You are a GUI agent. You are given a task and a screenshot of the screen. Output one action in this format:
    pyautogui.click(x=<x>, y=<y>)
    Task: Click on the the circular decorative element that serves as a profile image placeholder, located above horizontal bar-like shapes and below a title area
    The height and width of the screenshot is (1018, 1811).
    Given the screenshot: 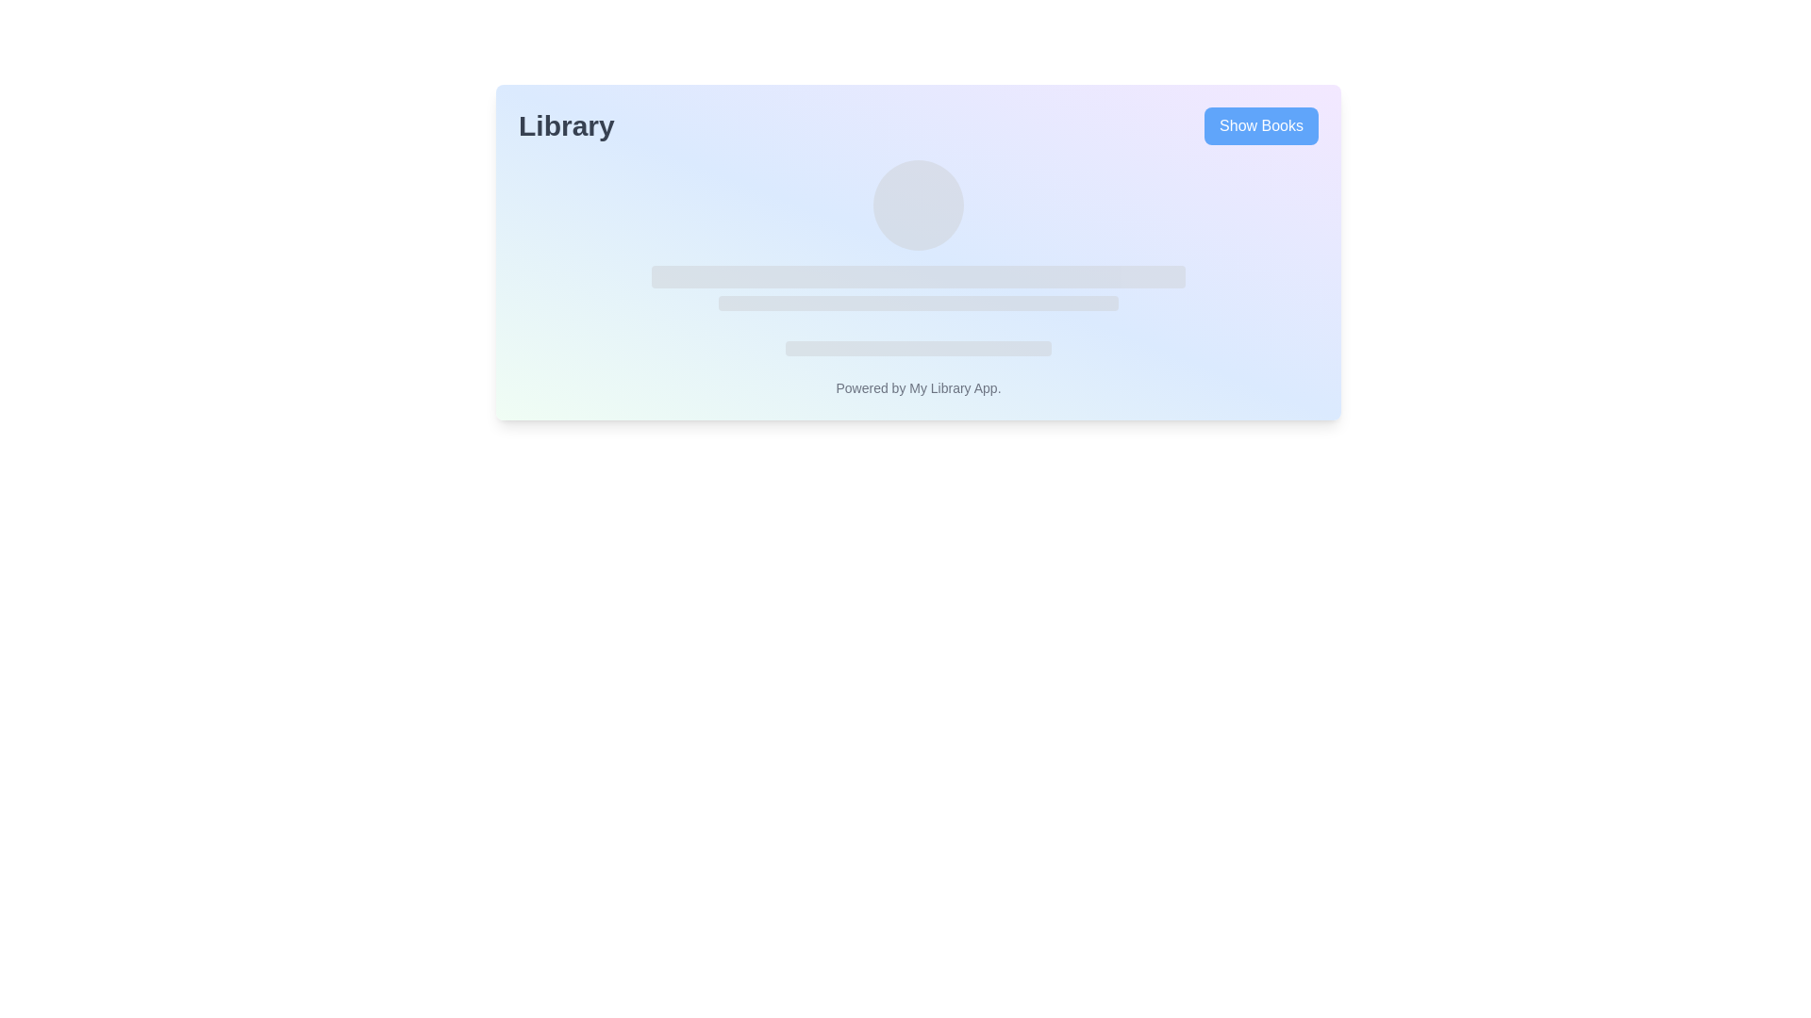 What is the action you would take?
    pyautogui.click(x=919, y=205)
    